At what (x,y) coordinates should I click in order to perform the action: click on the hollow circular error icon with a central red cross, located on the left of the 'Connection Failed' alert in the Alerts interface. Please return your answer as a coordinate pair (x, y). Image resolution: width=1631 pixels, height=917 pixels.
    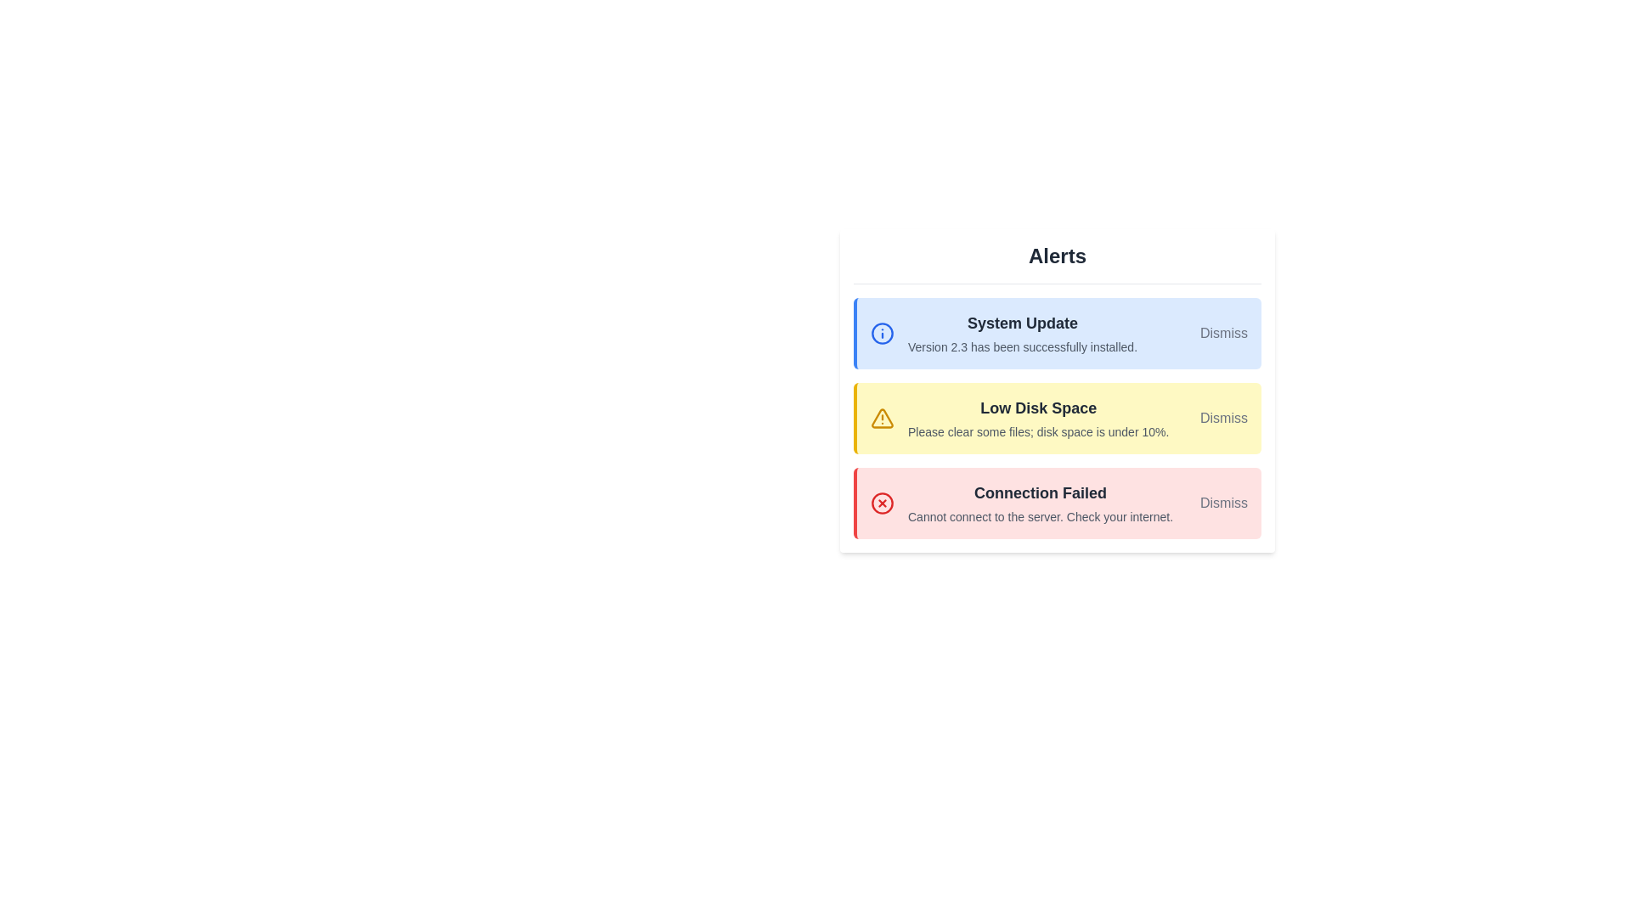
    Looking at the image, I should click on (882, 503).